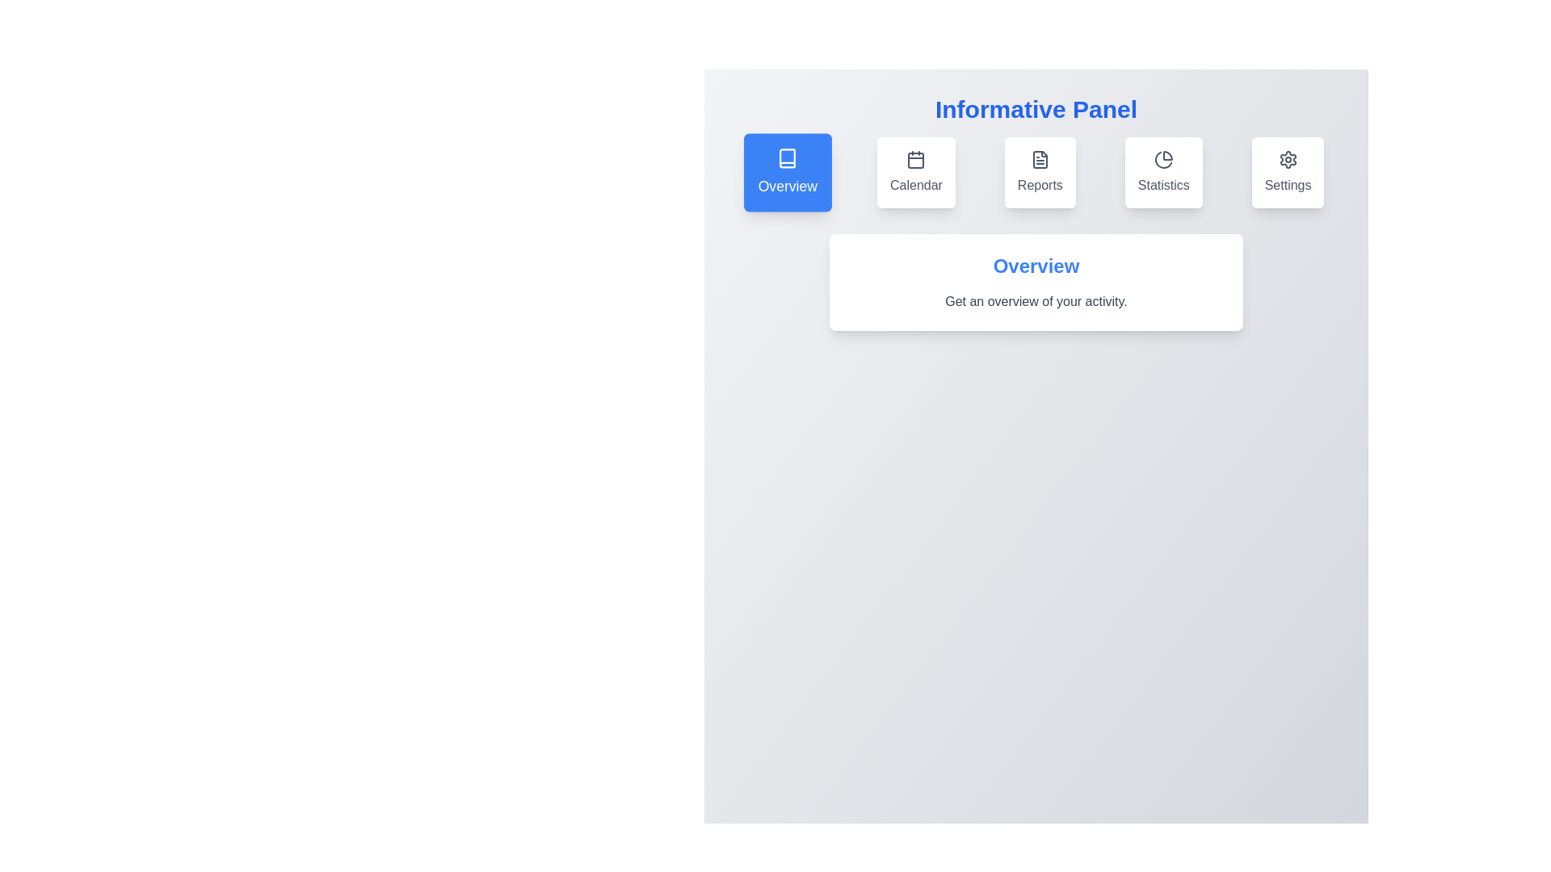 This screenshot has height=872, width=1551. What do you see at coordinates (1287, 172) in the screenshot?
I see `the 'Settings' card, which is a white rectangular button with a gray gear icon at the top and the text 'Settings' below it` at bounding box center [1287, 172].